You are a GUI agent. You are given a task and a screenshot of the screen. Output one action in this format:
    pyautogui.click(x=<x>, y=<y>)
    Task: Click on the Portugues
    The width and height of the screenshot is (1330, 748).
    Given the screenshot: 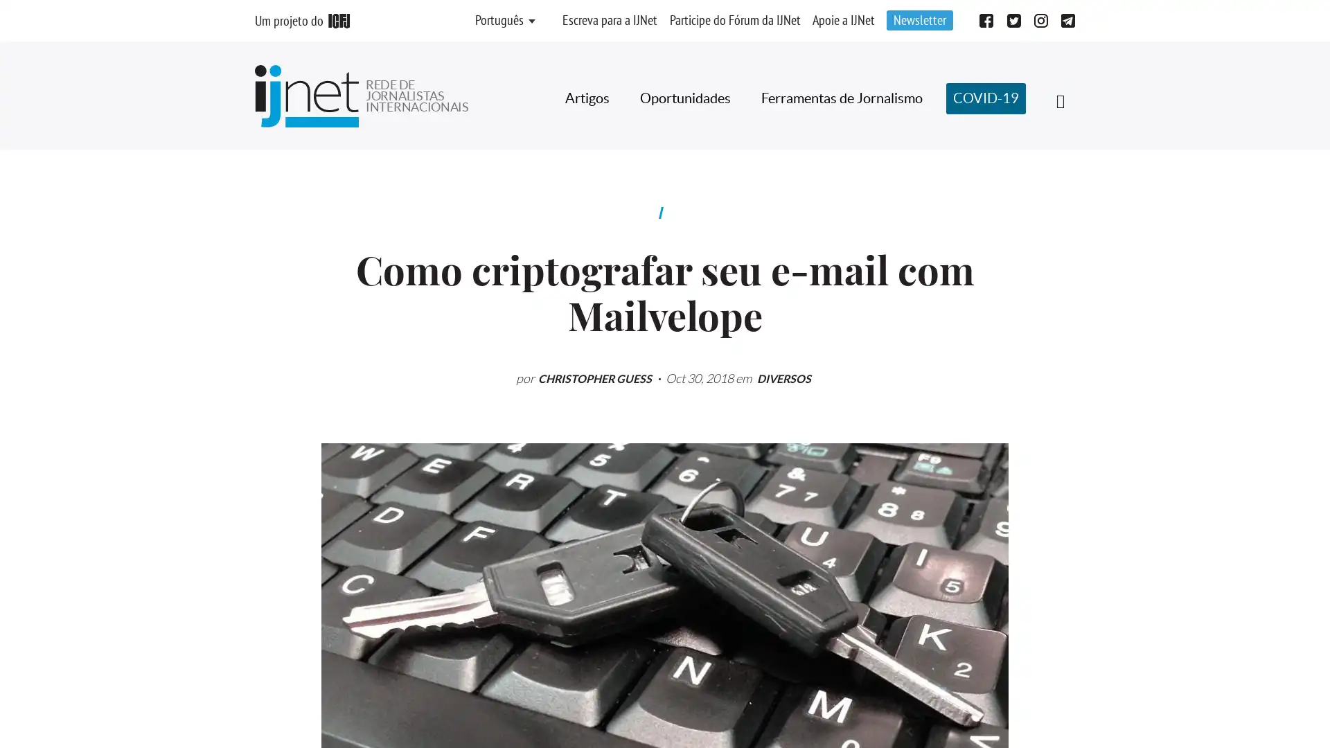 What is the action you would take?
    pyautogui.click(x=499, y=21)
    